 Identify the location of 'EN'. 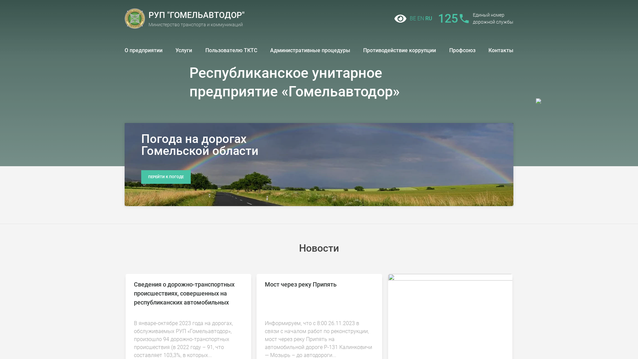
(420, 18).